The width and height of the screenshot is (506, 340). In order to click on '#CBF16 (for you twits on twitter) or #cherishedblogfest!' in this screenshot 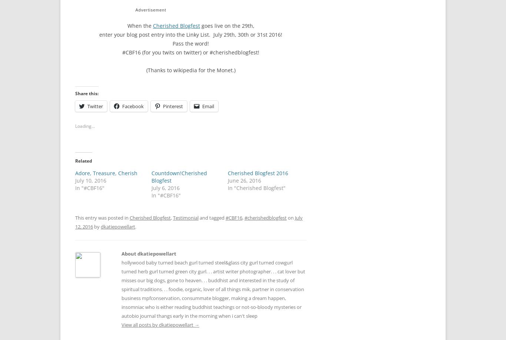, I will do `click(190, 51)`.